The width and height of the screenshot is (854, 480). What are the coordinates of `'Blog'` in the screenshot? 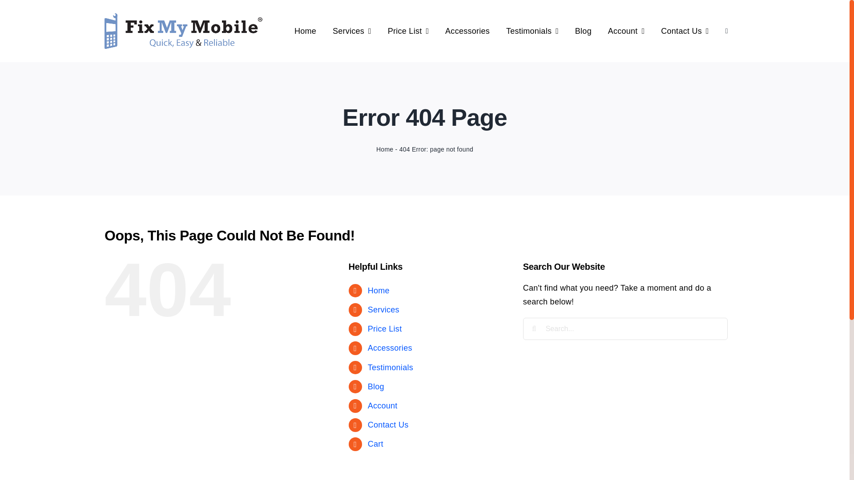 It's located at (583, 30).